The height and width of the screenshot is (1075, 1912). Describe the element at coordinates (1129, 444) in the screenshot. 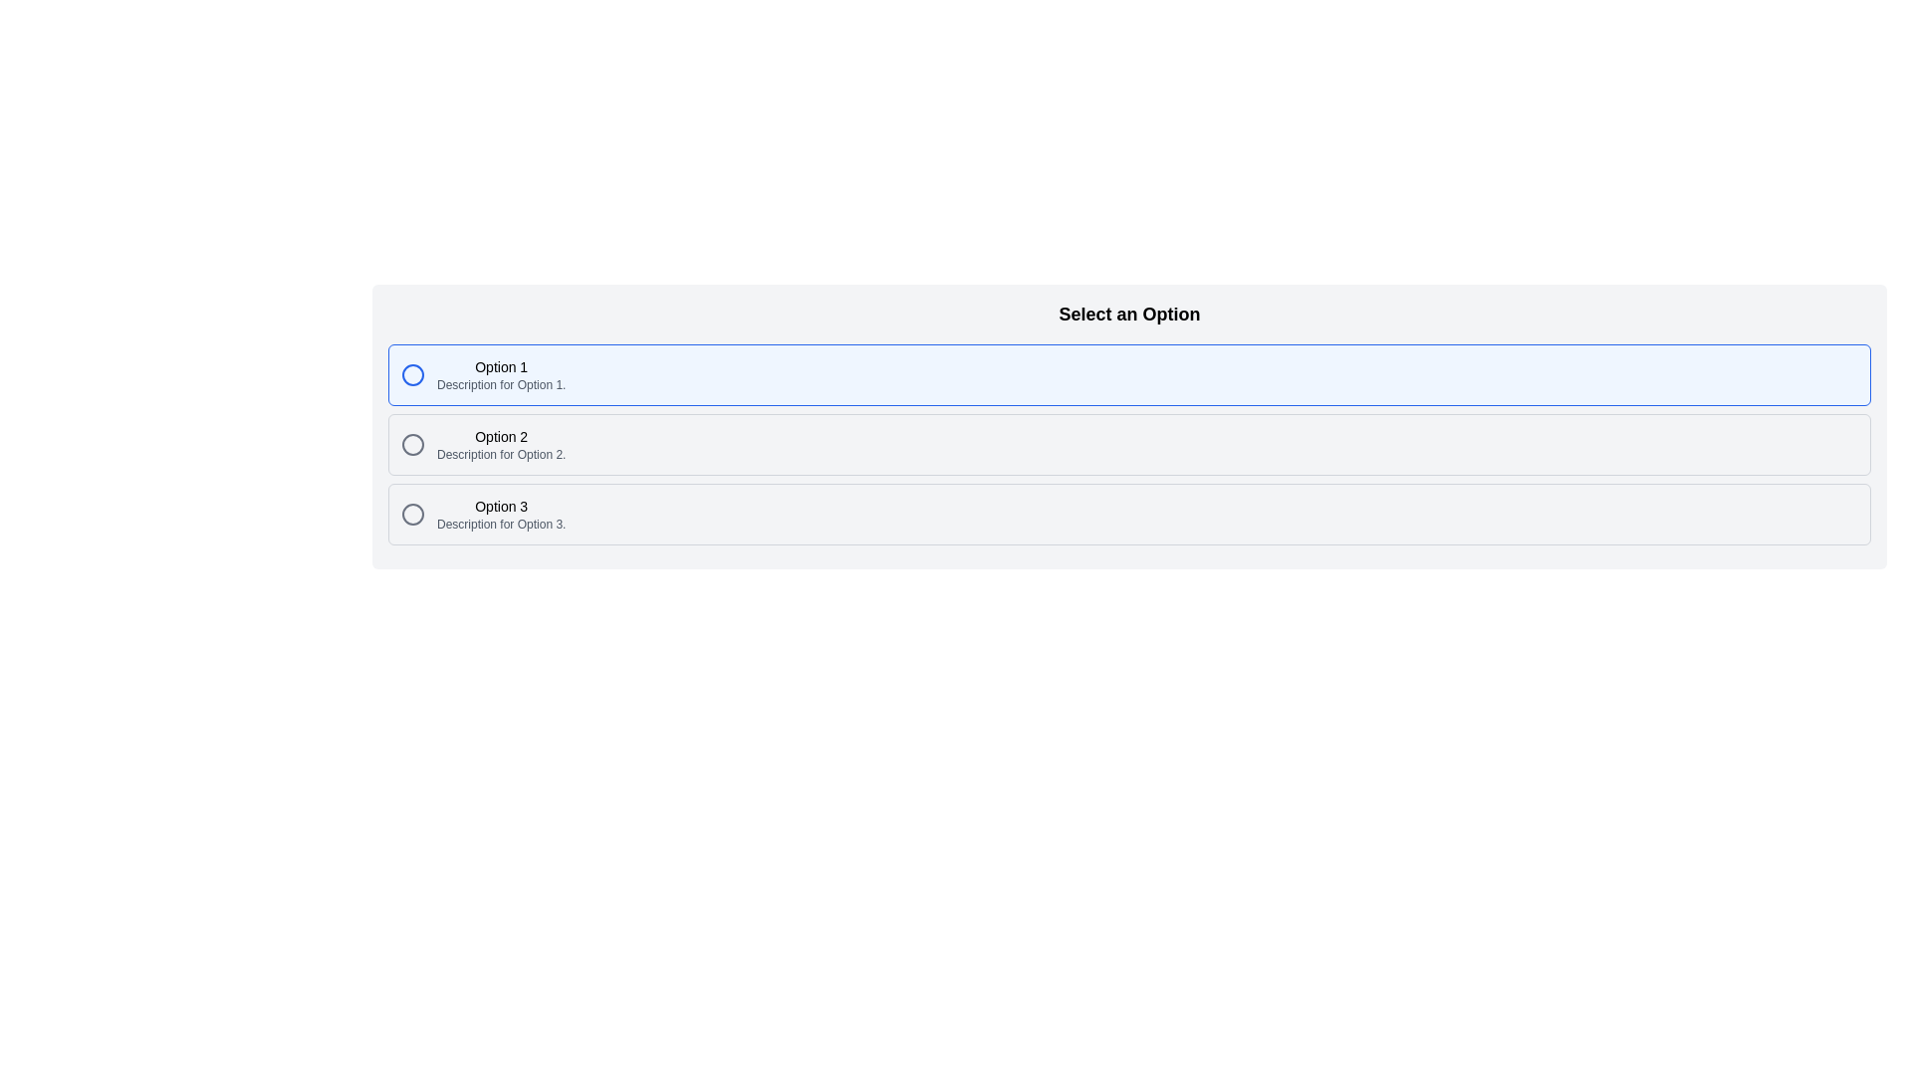

I see `the selectable option button labeled 'Option 2'` at that location.